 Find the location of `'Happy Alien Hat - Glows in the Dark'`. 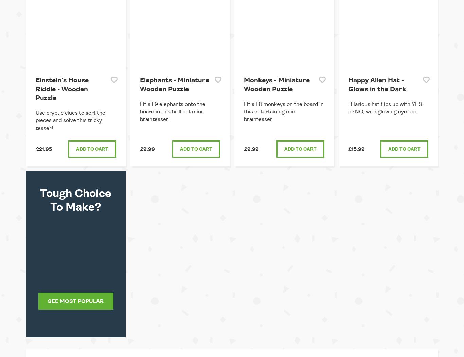

'Happy Alien Hat - Glows in the Dark' is located at coordinates (376, 84).